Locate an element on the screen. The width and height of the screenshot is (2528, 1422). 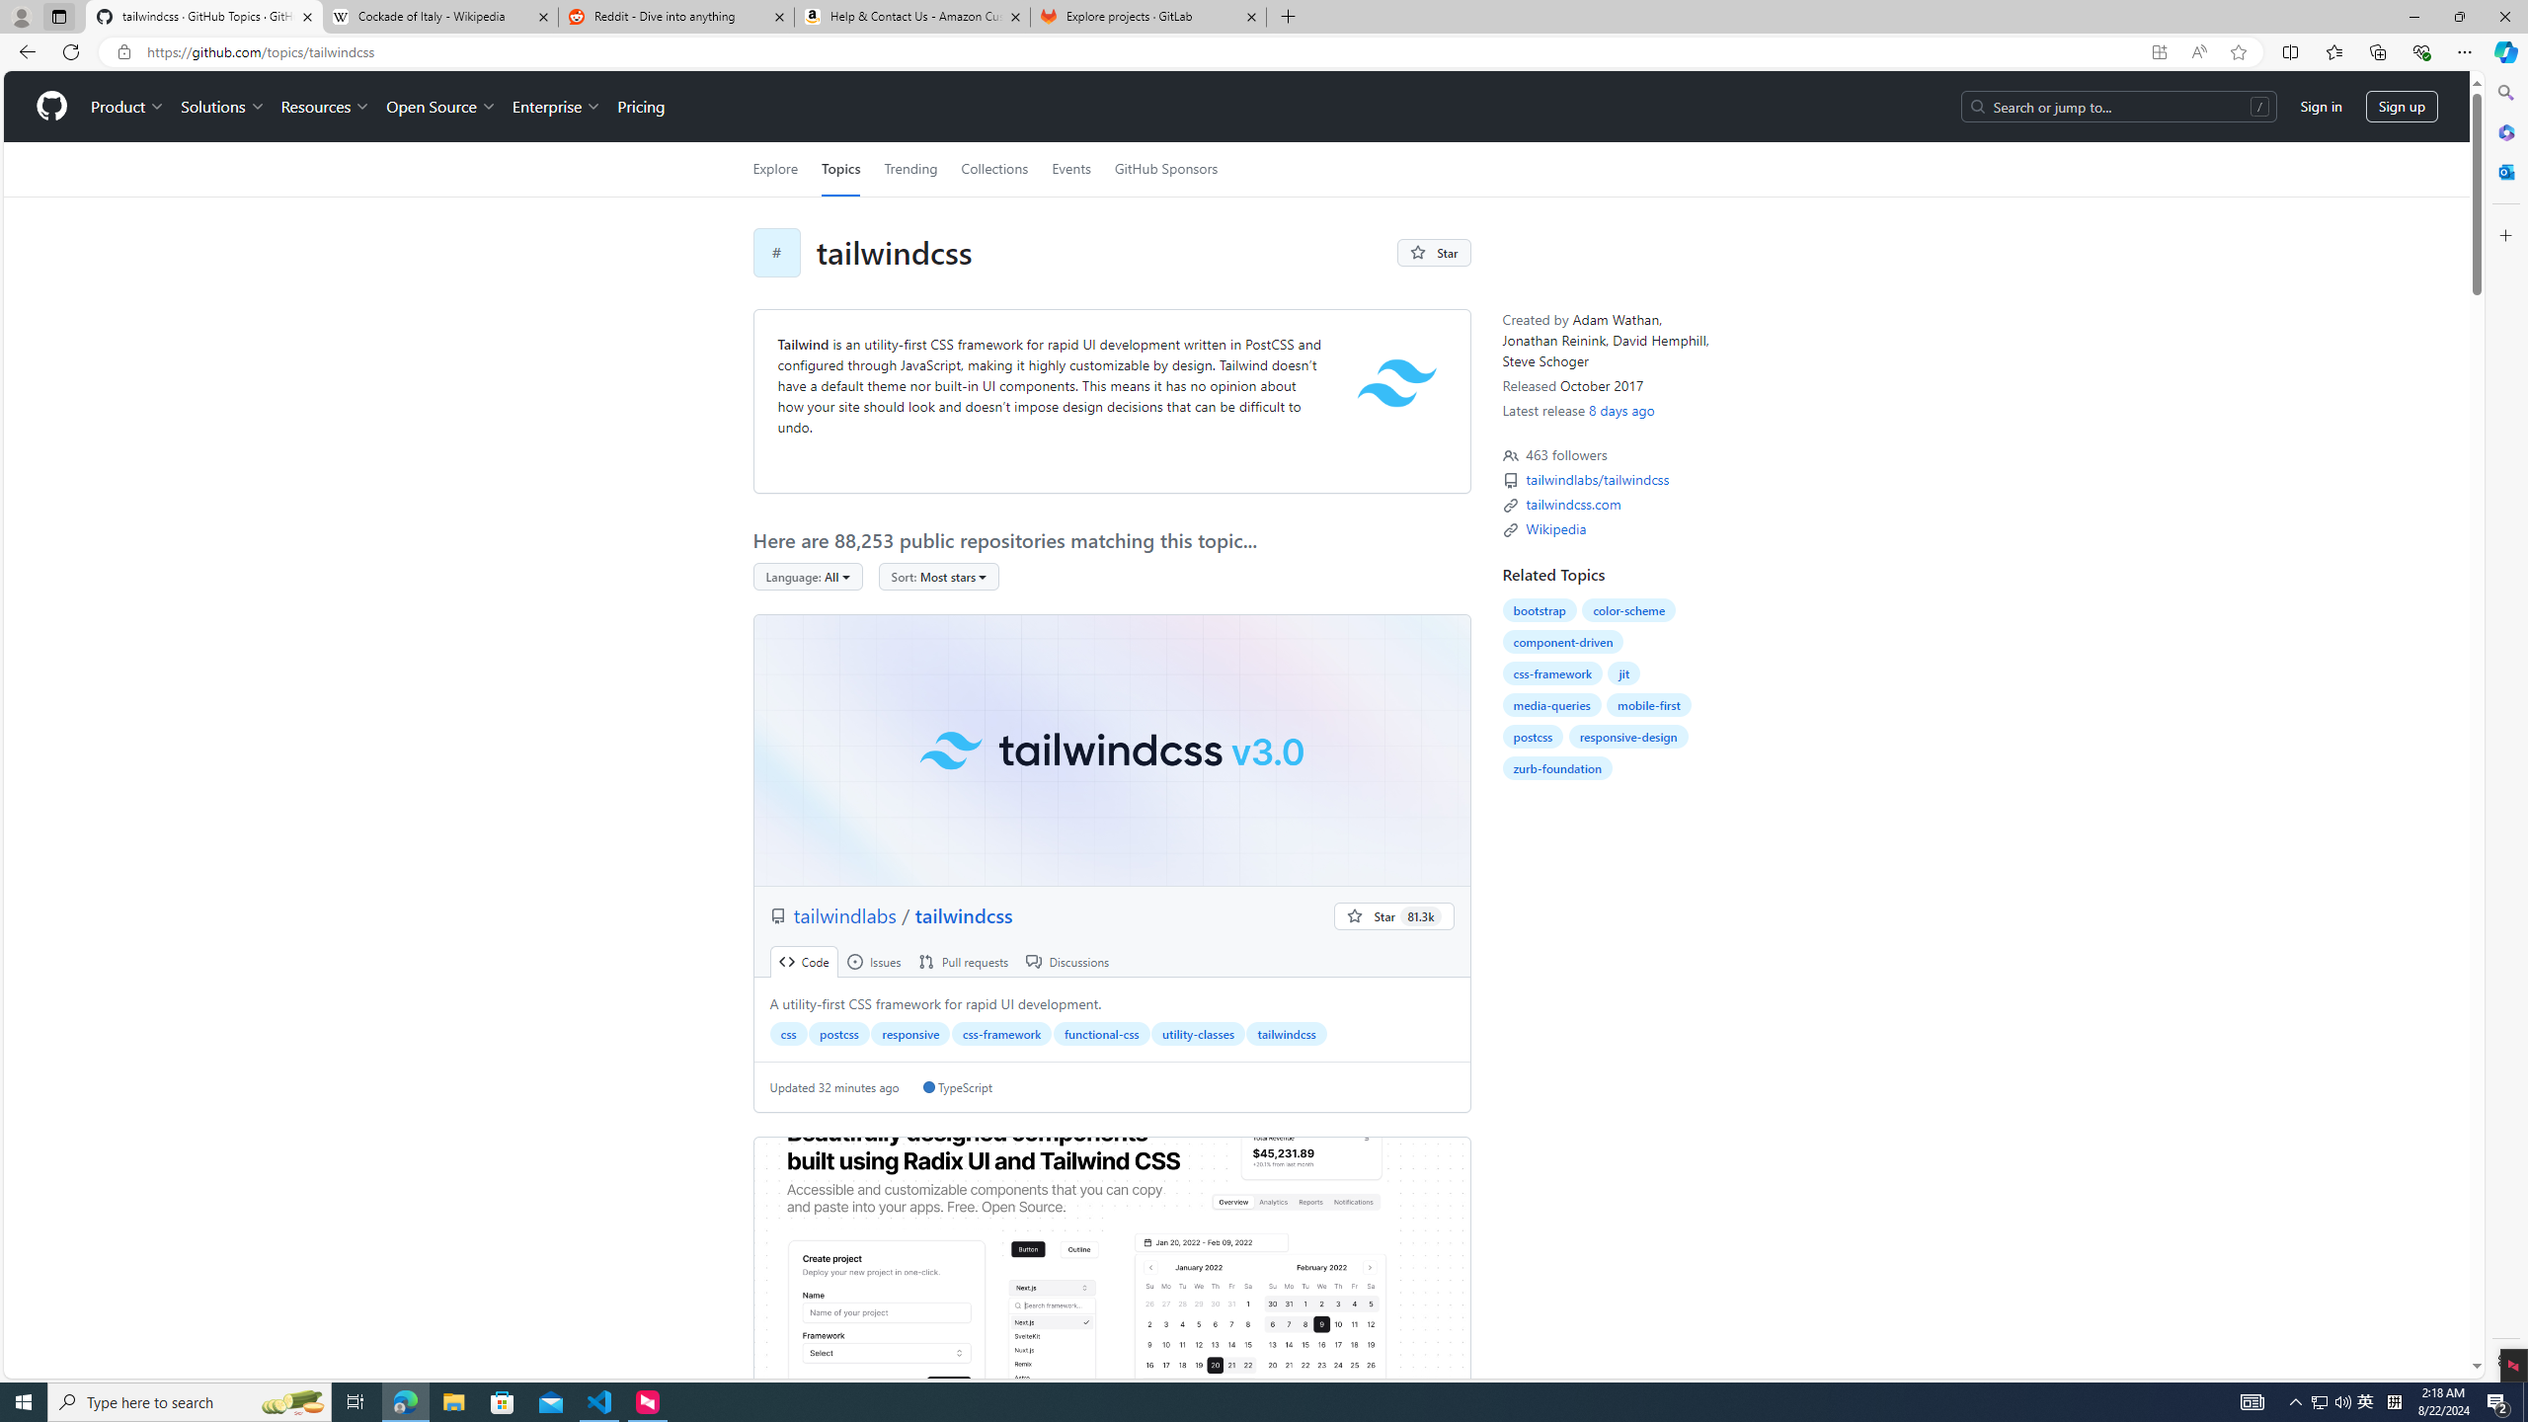
'css-framework' is located at coordinates (1550, 672).